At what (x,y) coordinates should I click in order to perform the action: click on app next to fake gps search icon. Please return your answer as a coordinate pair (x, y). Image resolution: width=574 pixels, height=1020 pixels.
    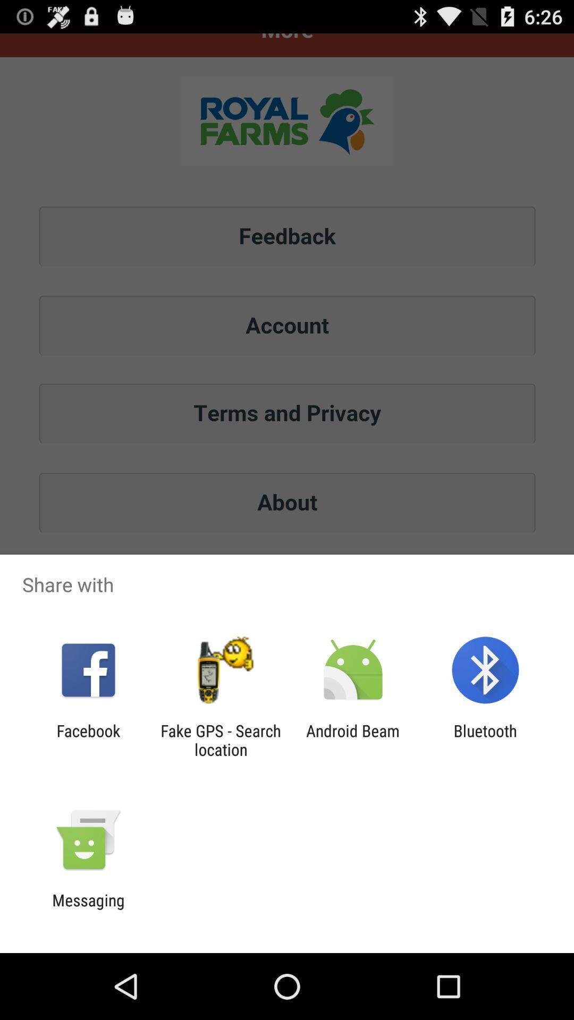
    Looking at the image, I should click on (88, 739).